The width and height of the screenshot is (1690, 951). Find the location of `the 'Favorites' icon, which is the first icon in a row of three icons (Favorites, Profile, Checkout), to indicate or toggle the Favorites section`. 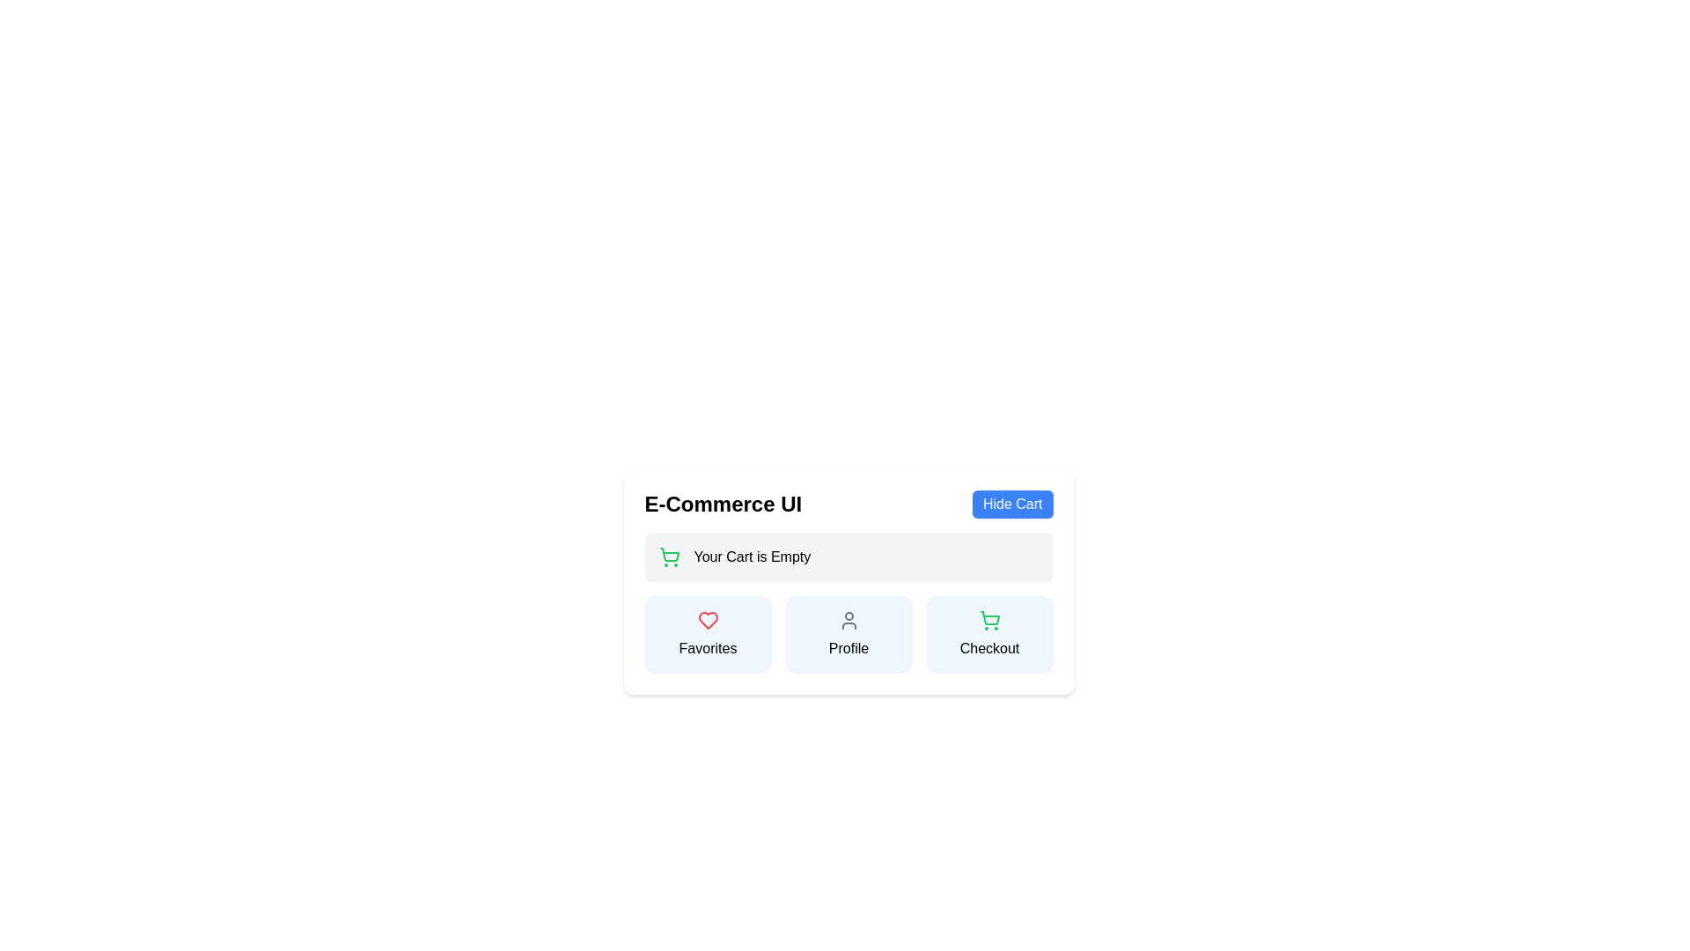

the 'Favorites' icon, which is the first icon in a row of three icons (Favorites, Profile, Checkout), to indicate or toggle the Favorites section is located at coordinates (708, 620).